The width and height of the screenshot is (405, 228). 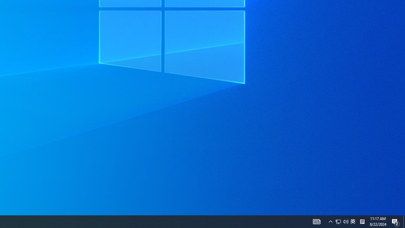 What do you see at coordinates (346, 221) in the screenshot?
I see `'Q2790: 100%'` at bounding box center [346, 221].